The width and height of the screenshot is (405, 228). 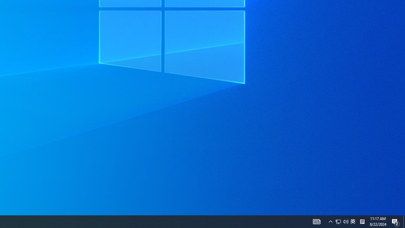 What do you see at coordinates (346, 221) in the screenshot?
I see `'Q2790: 100%'` at bounding box center [346, 221].